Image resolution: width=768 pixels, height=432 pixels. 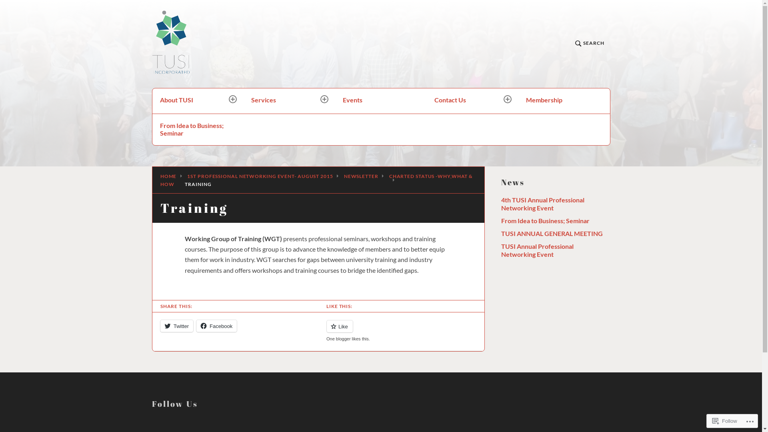 What do you see at coordinates (318, 331) in the screenshot?
I see `'Like or Reblog'` at bounding box center [318, 331].